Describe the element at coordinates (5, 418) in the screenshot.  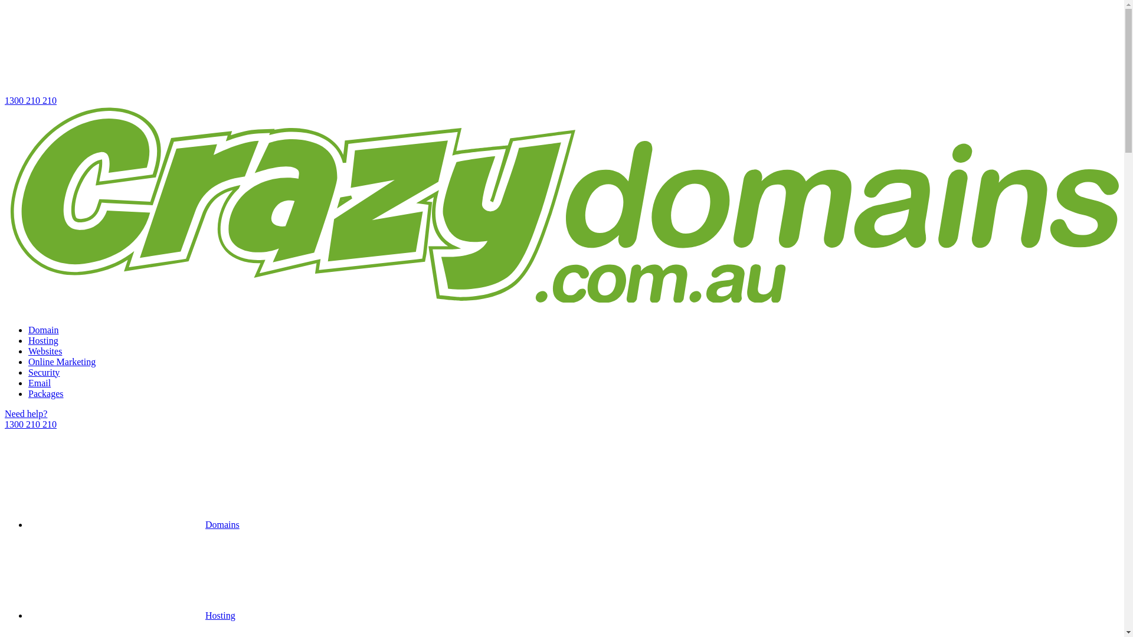
I see `'Need help?` at that location.